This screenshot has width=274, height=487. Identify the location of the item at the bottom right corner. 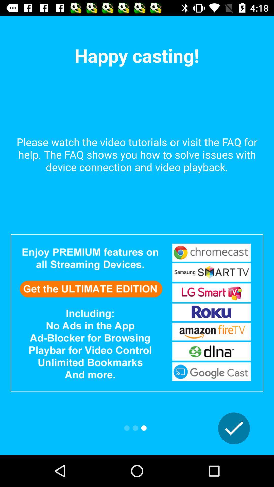
(234, 428).